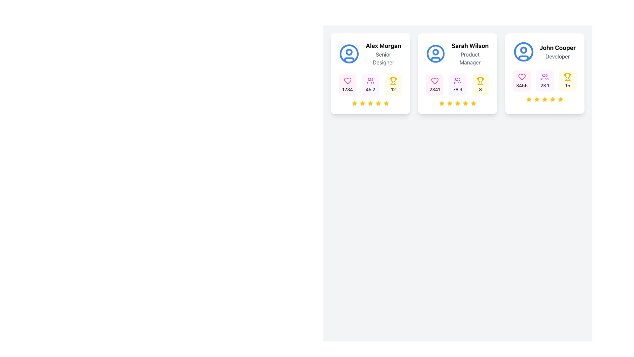 The height and width of the screenshot is (357, 634). I want to click on the yellow trophy icon with the text '12' in the bottom-right corner of the first card, so click(393, 85).